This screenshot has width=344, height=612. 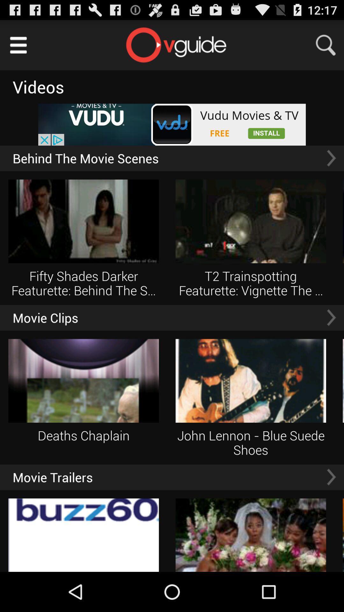 I want to click on more movie trailers, so click(x=331, y=477).